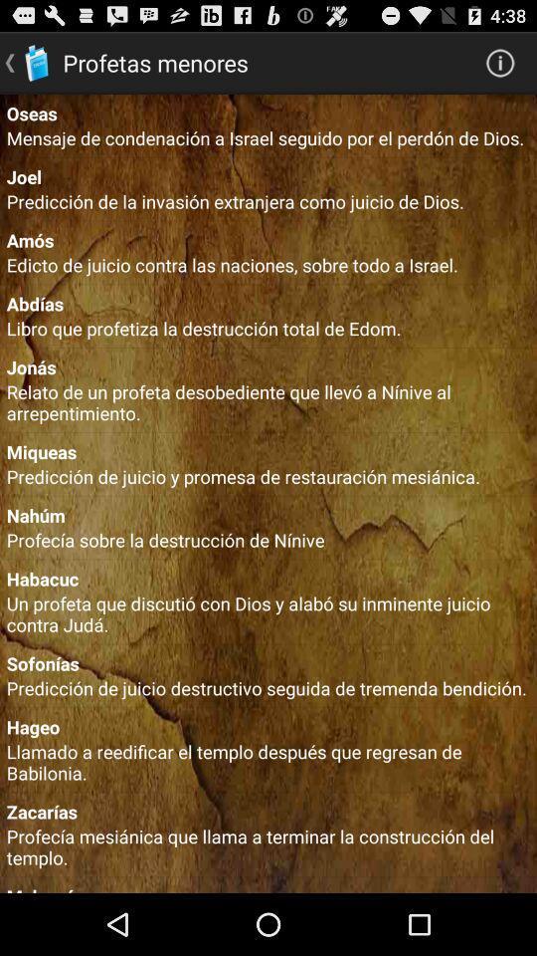 Image resolution: width=537 pixels, height=956 pixels. What do you see at coordinates (268, 303) in the screenshot?
I see `the app above the libro que profetiza app` at bounding box center [268, 303].